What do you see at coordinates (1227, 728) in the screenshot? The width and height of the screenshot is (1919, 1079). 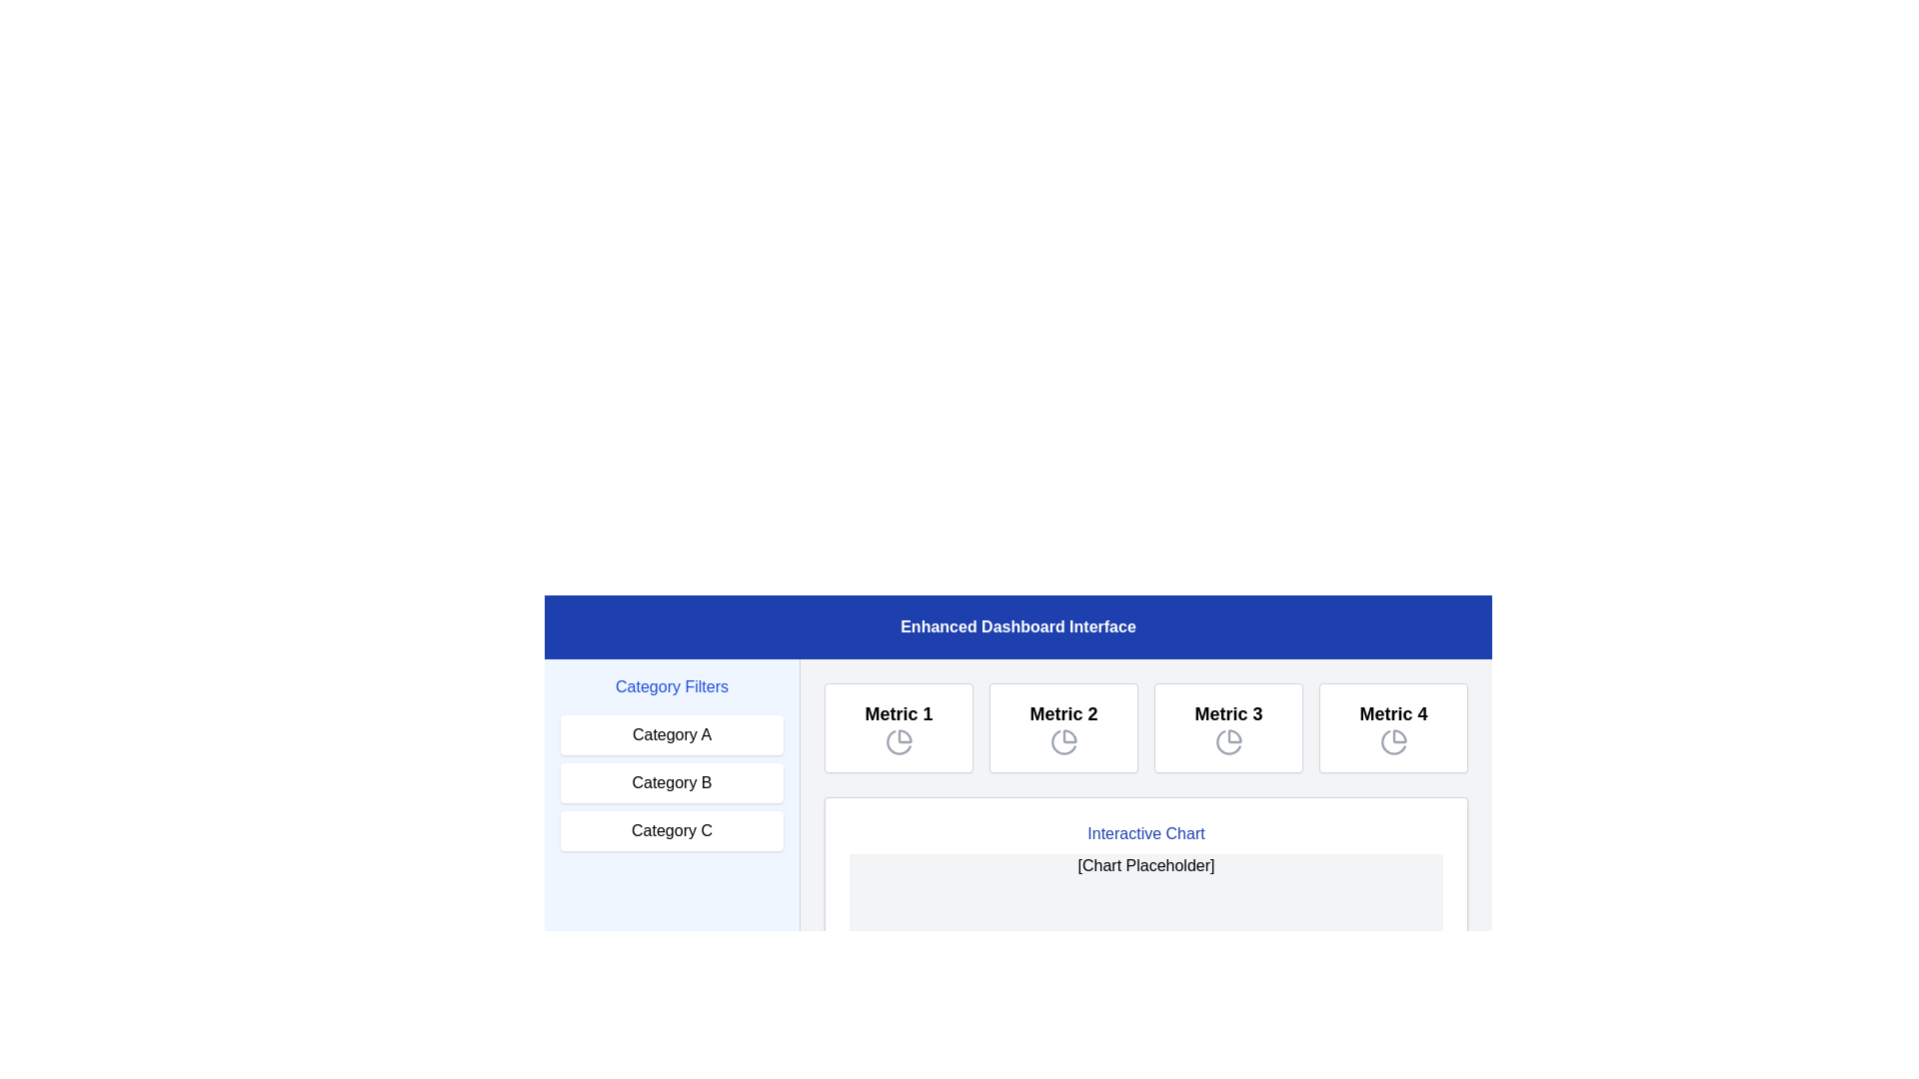 I see `the Informational card labeled 'Metric 3', which features a white background, gray border, rounded corners, and text in bold at the top center` at bounding box center [1227, 728].